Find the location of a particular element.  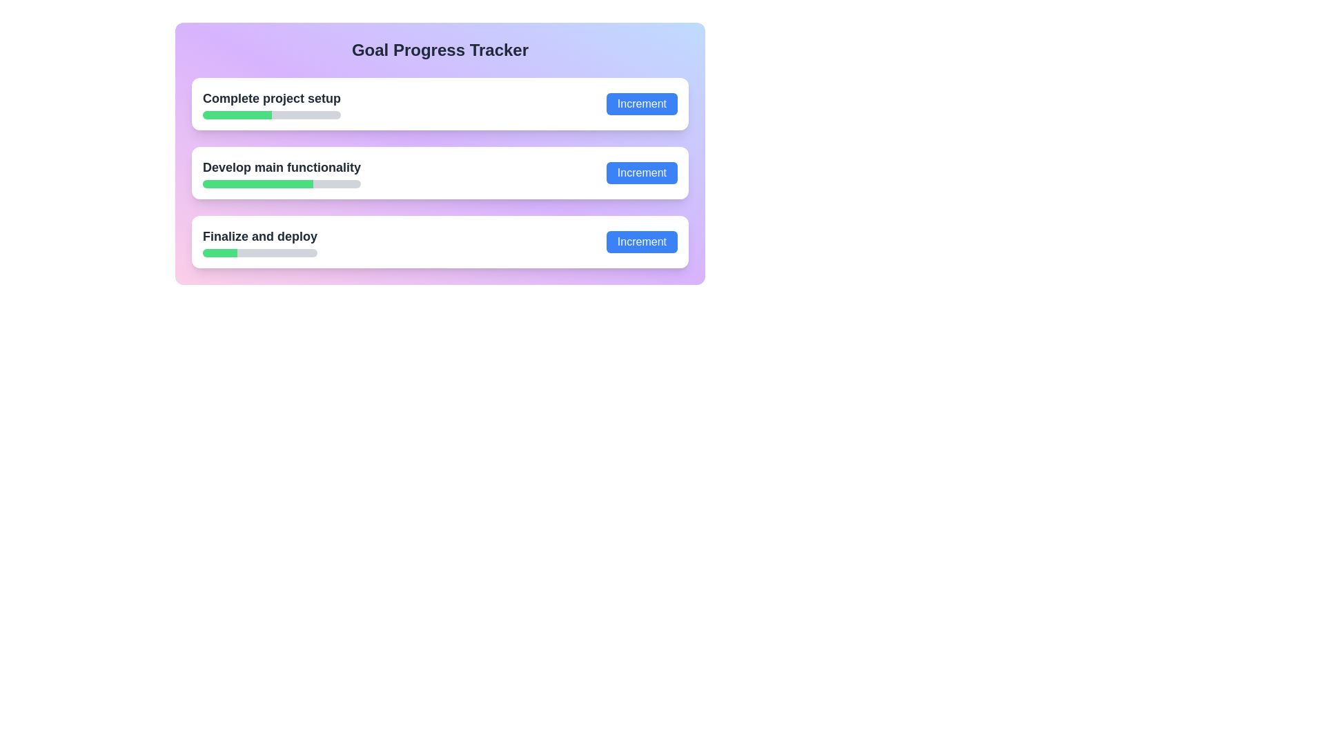

the green progress indicator bar which is located in the 'Develop main functionality' section, representing the progress within a task is located at coordinates (258, 183).